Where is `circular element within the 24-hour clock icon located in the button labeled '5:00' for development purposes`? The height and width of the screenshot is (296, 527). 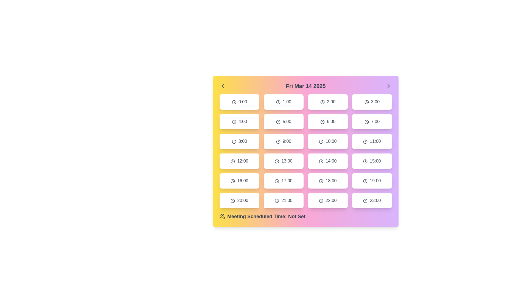
circular element within the 24-hour clock icon located in the button labeled '5:00' for development purposes is located at coordinates (278, 121).